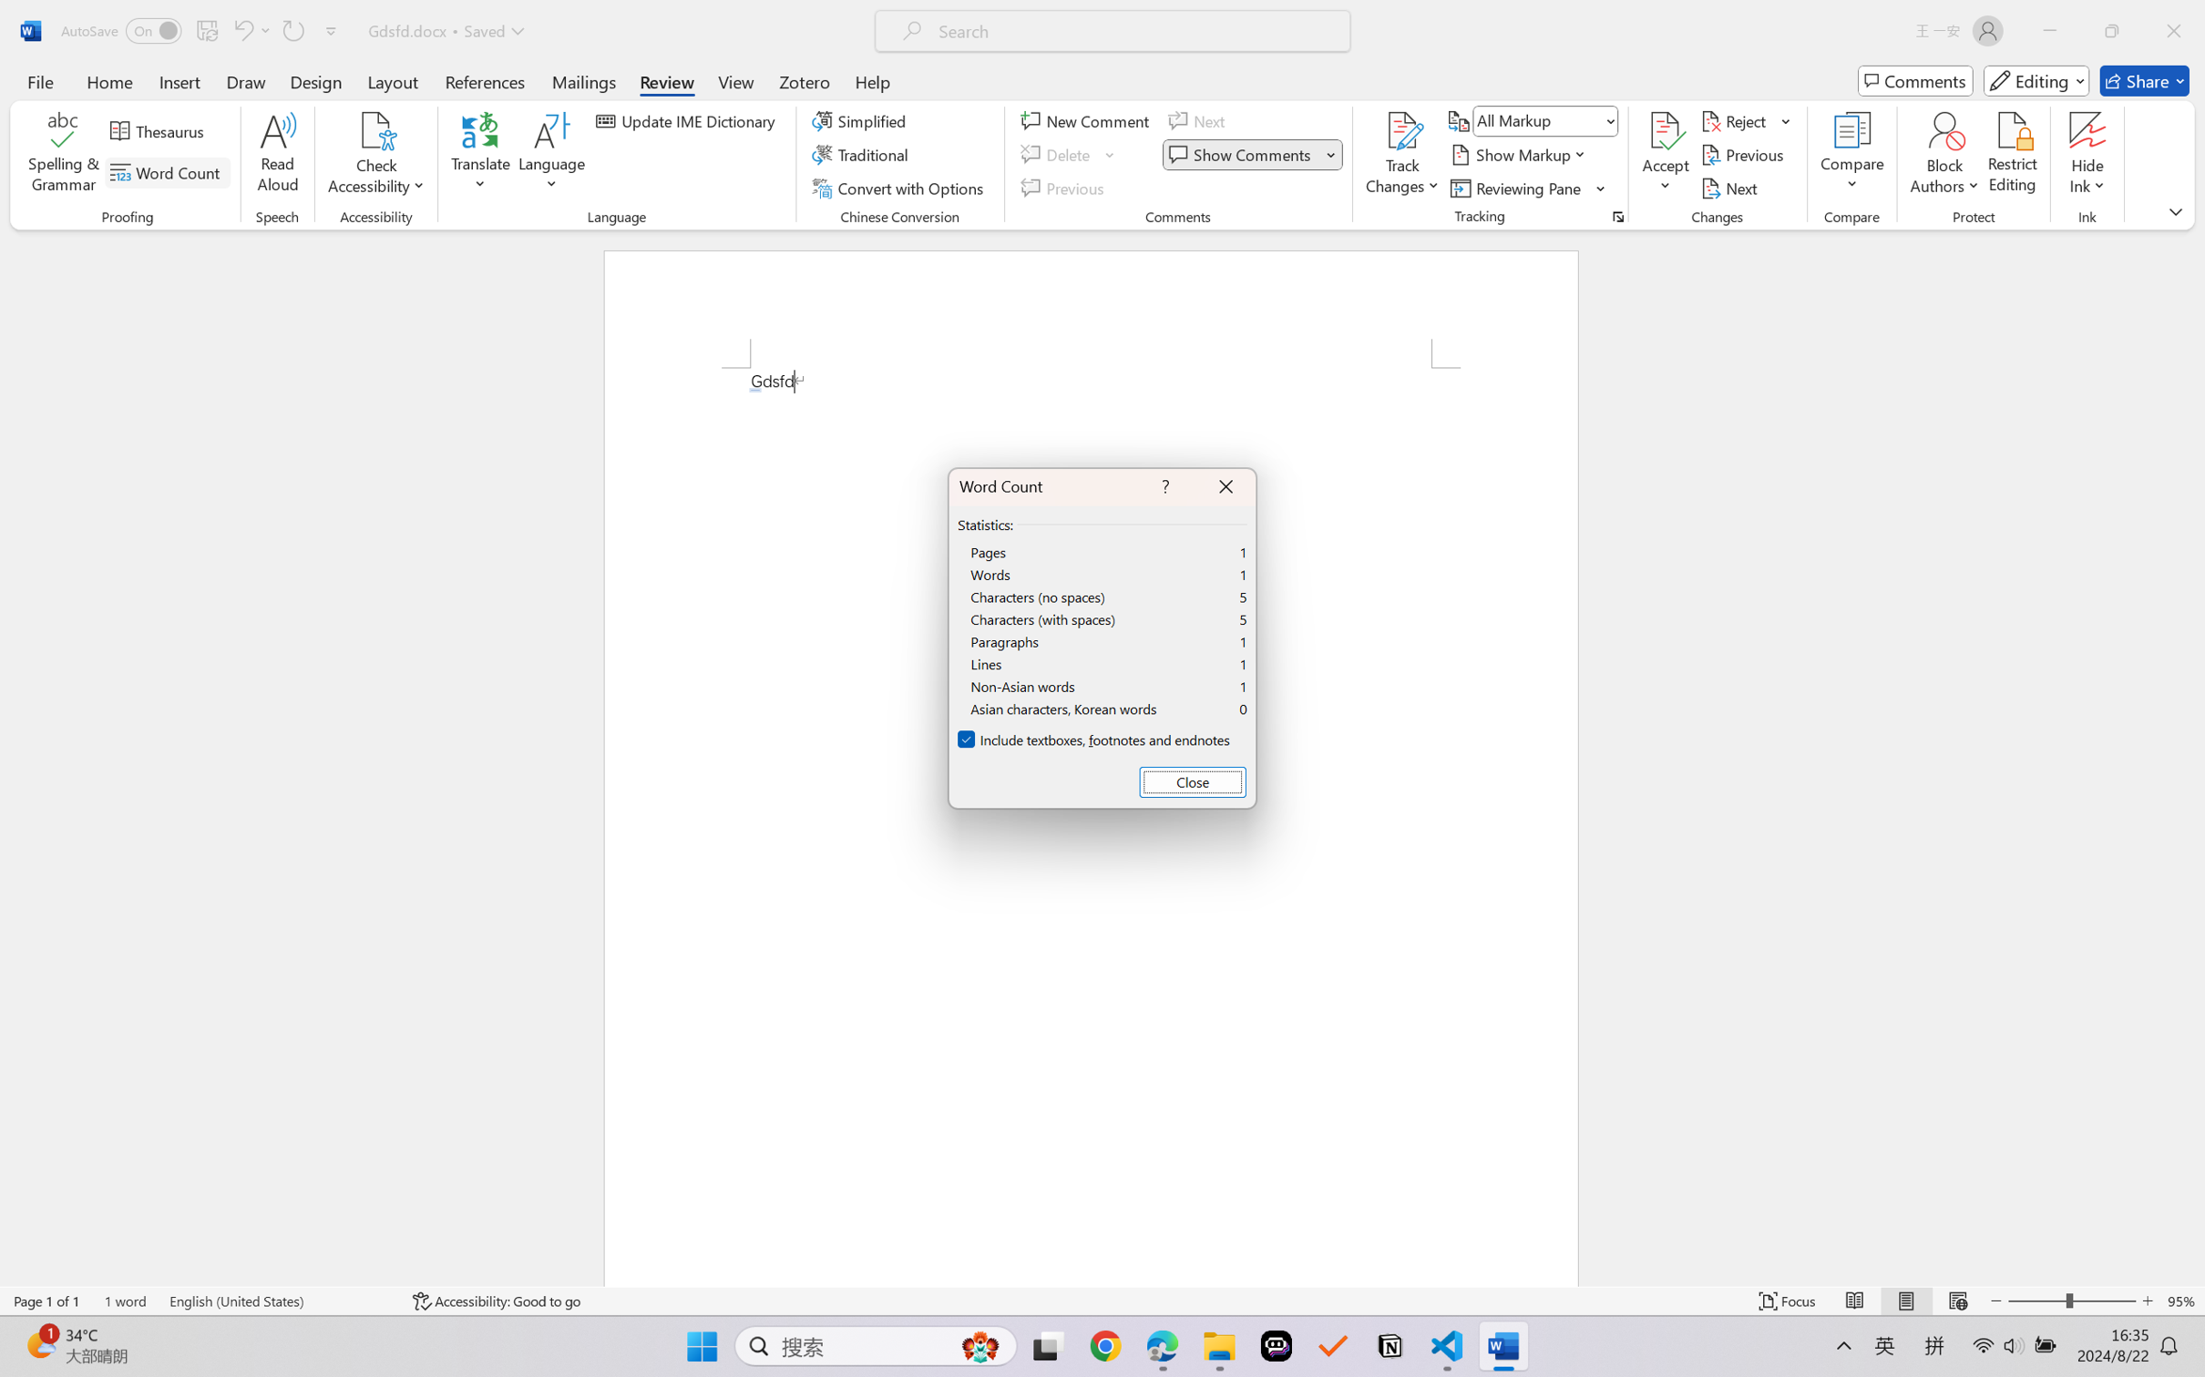 The height and width of the screenshot is (1377, 2205). Describe the element at coordinates (63, 155) in the screenshot. I see `'Spelling & Grammar'` at that location.